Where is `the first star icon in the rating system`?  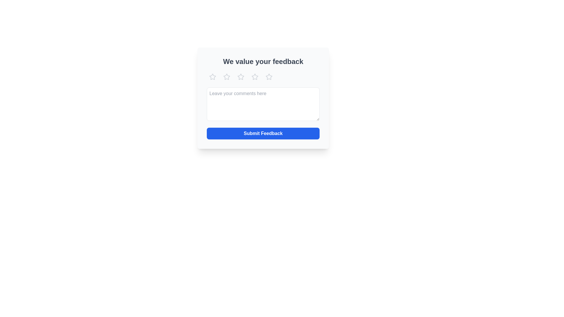
the first star icon in the rating system is located at coordinates (212, 77).